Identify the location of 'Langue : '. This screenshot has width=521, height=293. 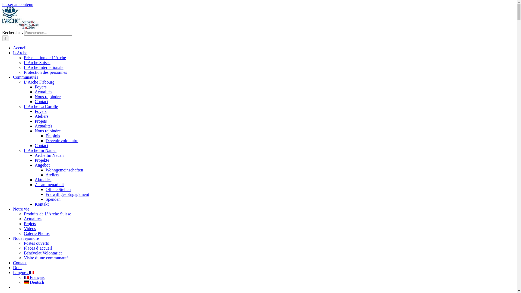
(13, 272).